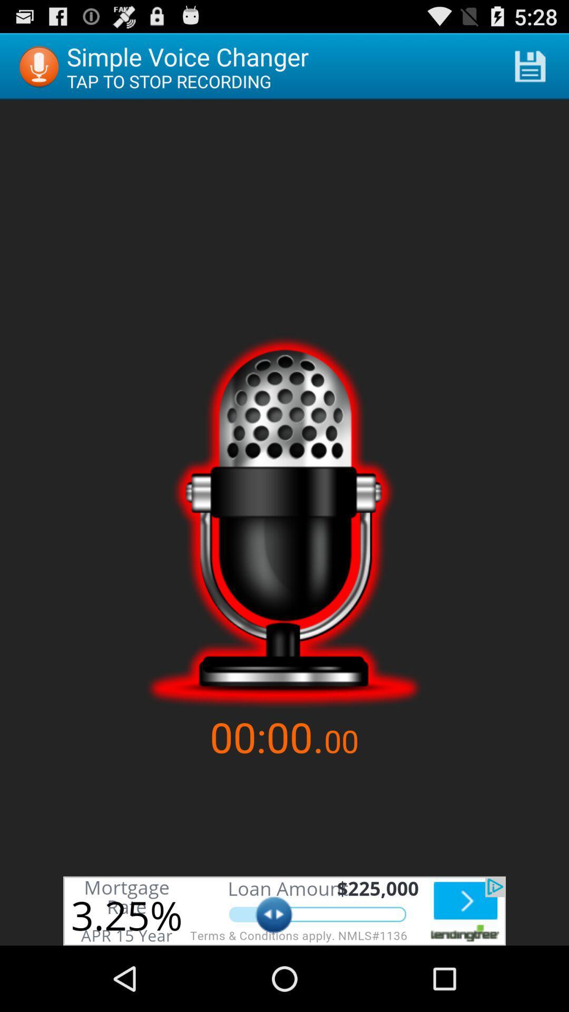 The width and height of the screenshot is (569, 1012). I want to click on record, so click(283, 522).